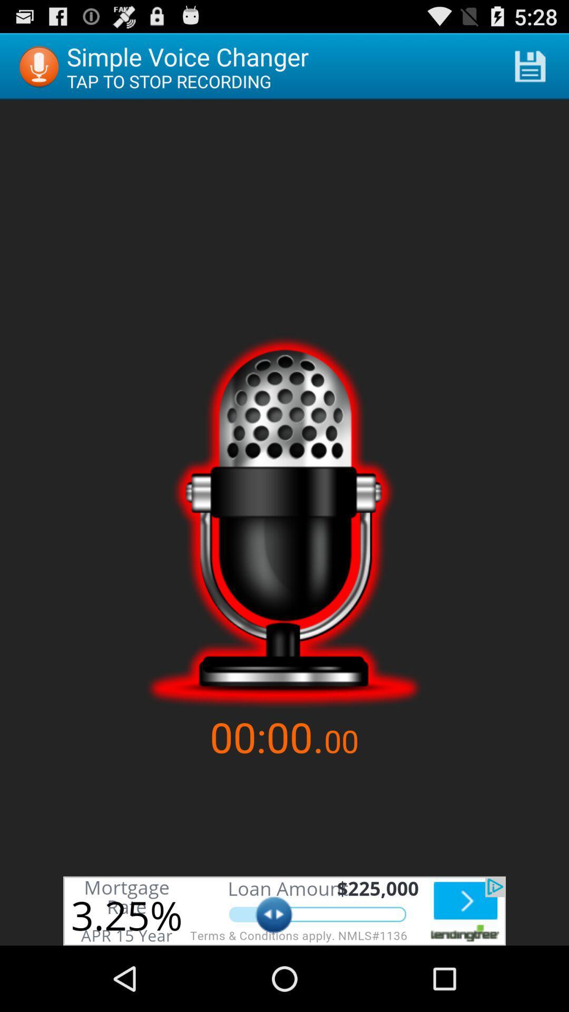 The width and height of the screenshot is (569, 1012). I want to click on record, so click(283, 522).